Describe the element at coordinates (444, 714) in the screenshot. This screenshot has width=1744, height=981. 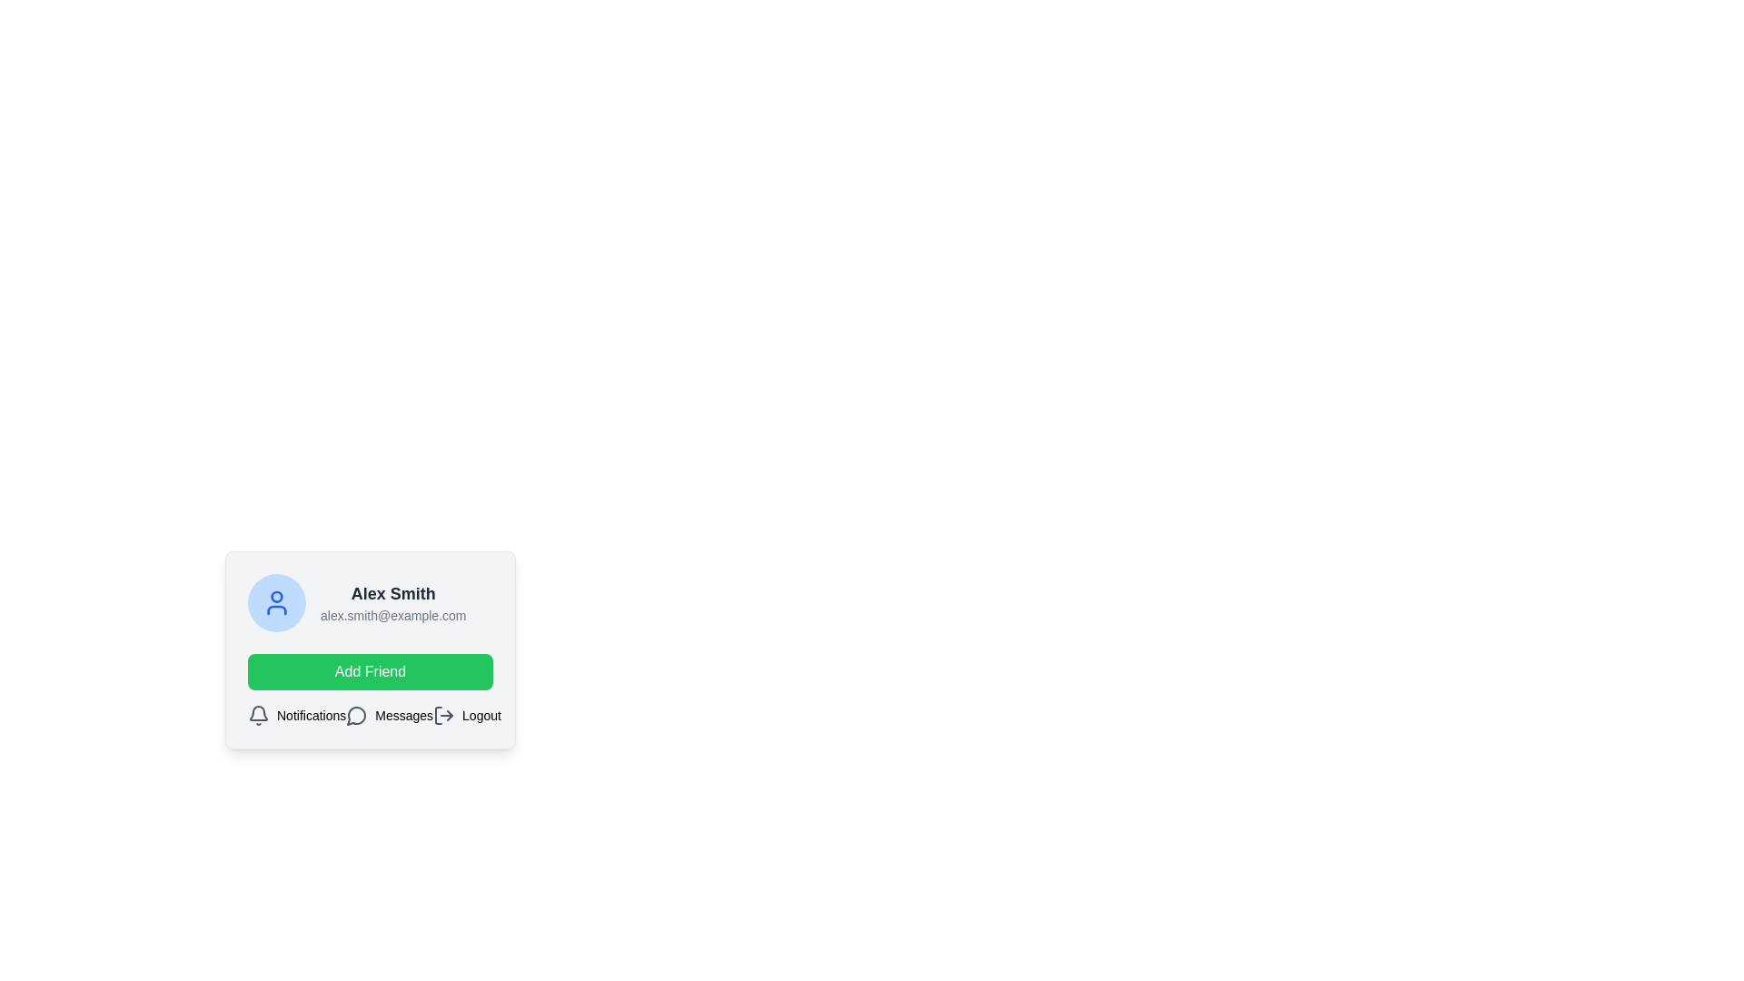
I see `the log-out icon, which is styled as an arrow pointing right out of a rectangular frame and located next to the 'Logout' label, to trigger the tooltip` at that location.